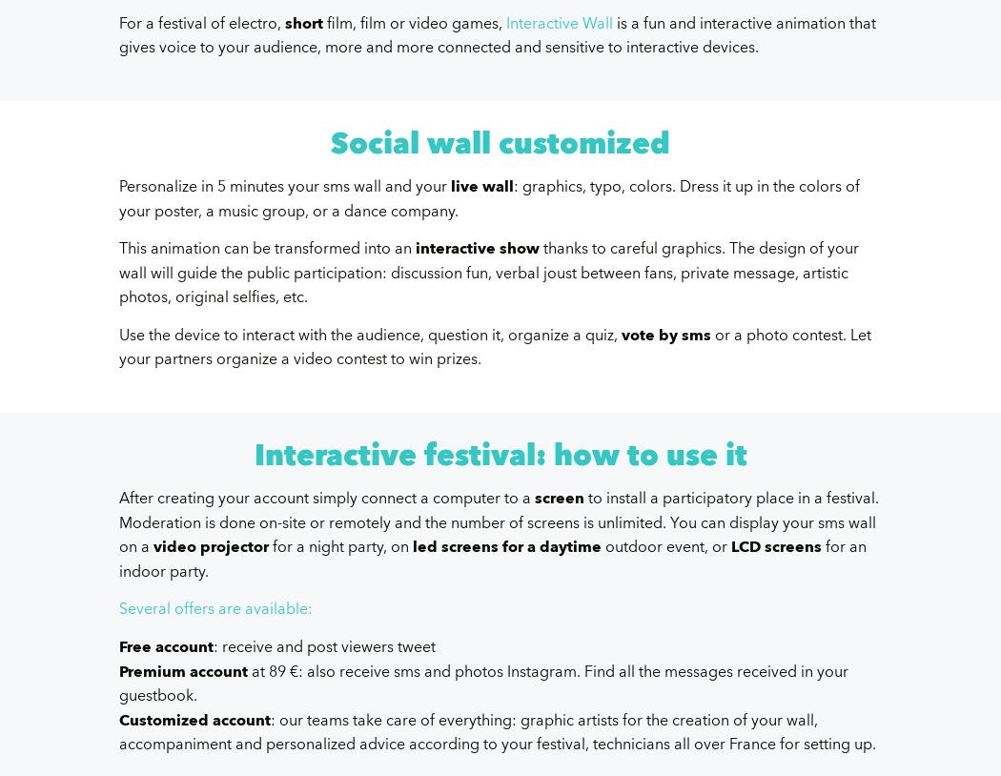 Image resolution: width=1001 pixels, height=776 pixels. I want to click on 'or a photo contest. Let your partners organize a video contest to win prizes.', so click(494, 347).